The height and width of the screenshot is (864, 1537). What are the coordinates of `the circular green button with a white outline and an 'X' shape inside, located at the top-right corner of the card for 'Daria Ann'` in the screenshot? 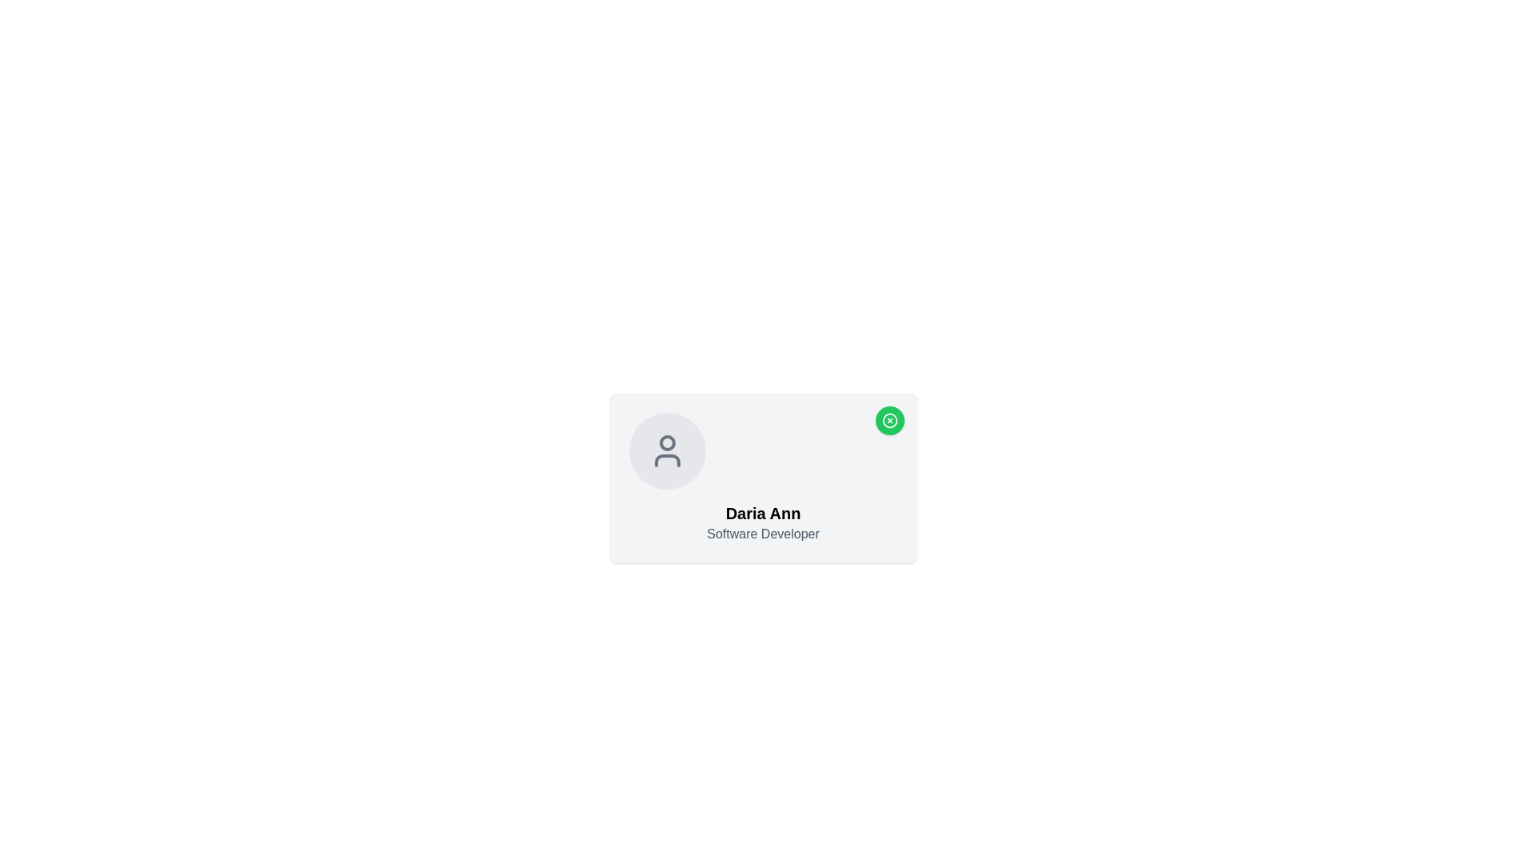 It's located at (889, 419).